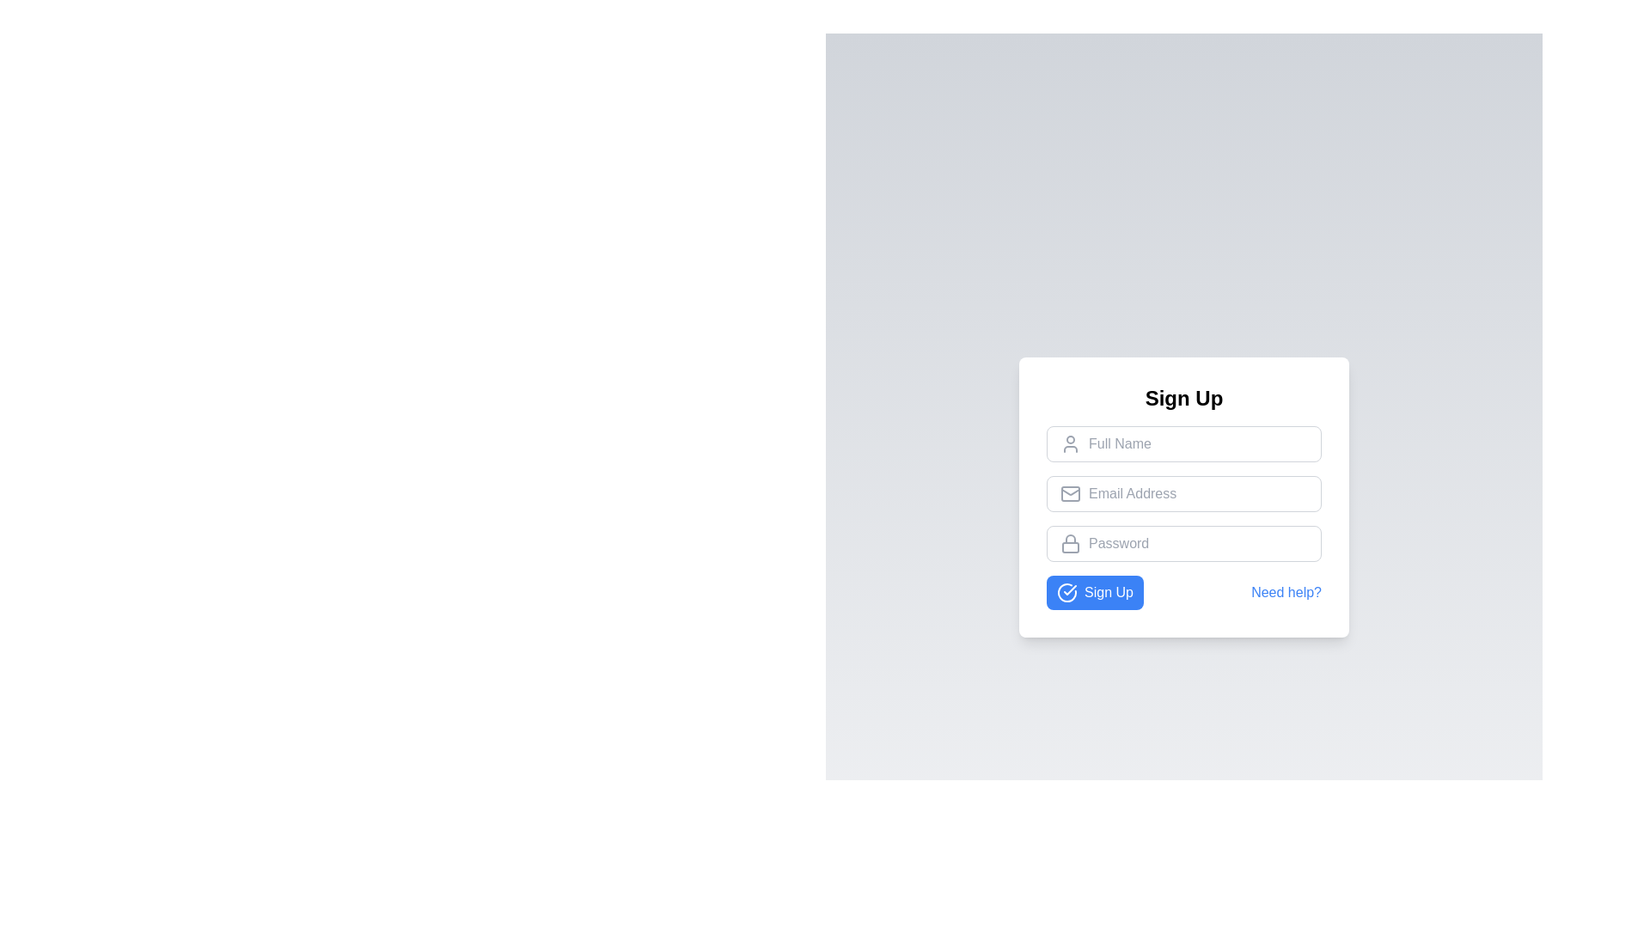 The image size is (1650, 928). What do you see at coordinates (1070, 443) in the screenshot?
I see `the icon located on the left margin of the 'Full Name' input field, which visually indicates the purpose of the field` at bounding box center [1070, 443].